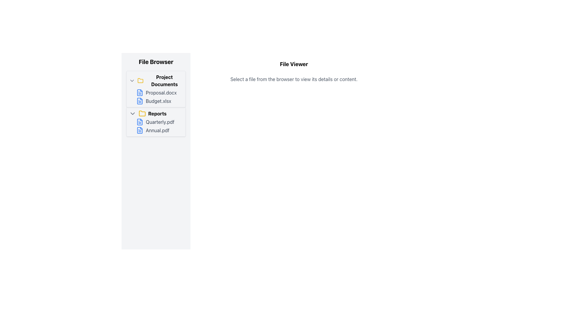 Image resolution: width=575 pixels, height=323 pixels. Describe the element at coordinates (294, 79) in the screenshot. I see `the static text paragraph that reads 'Select a file from the browser` at that location.